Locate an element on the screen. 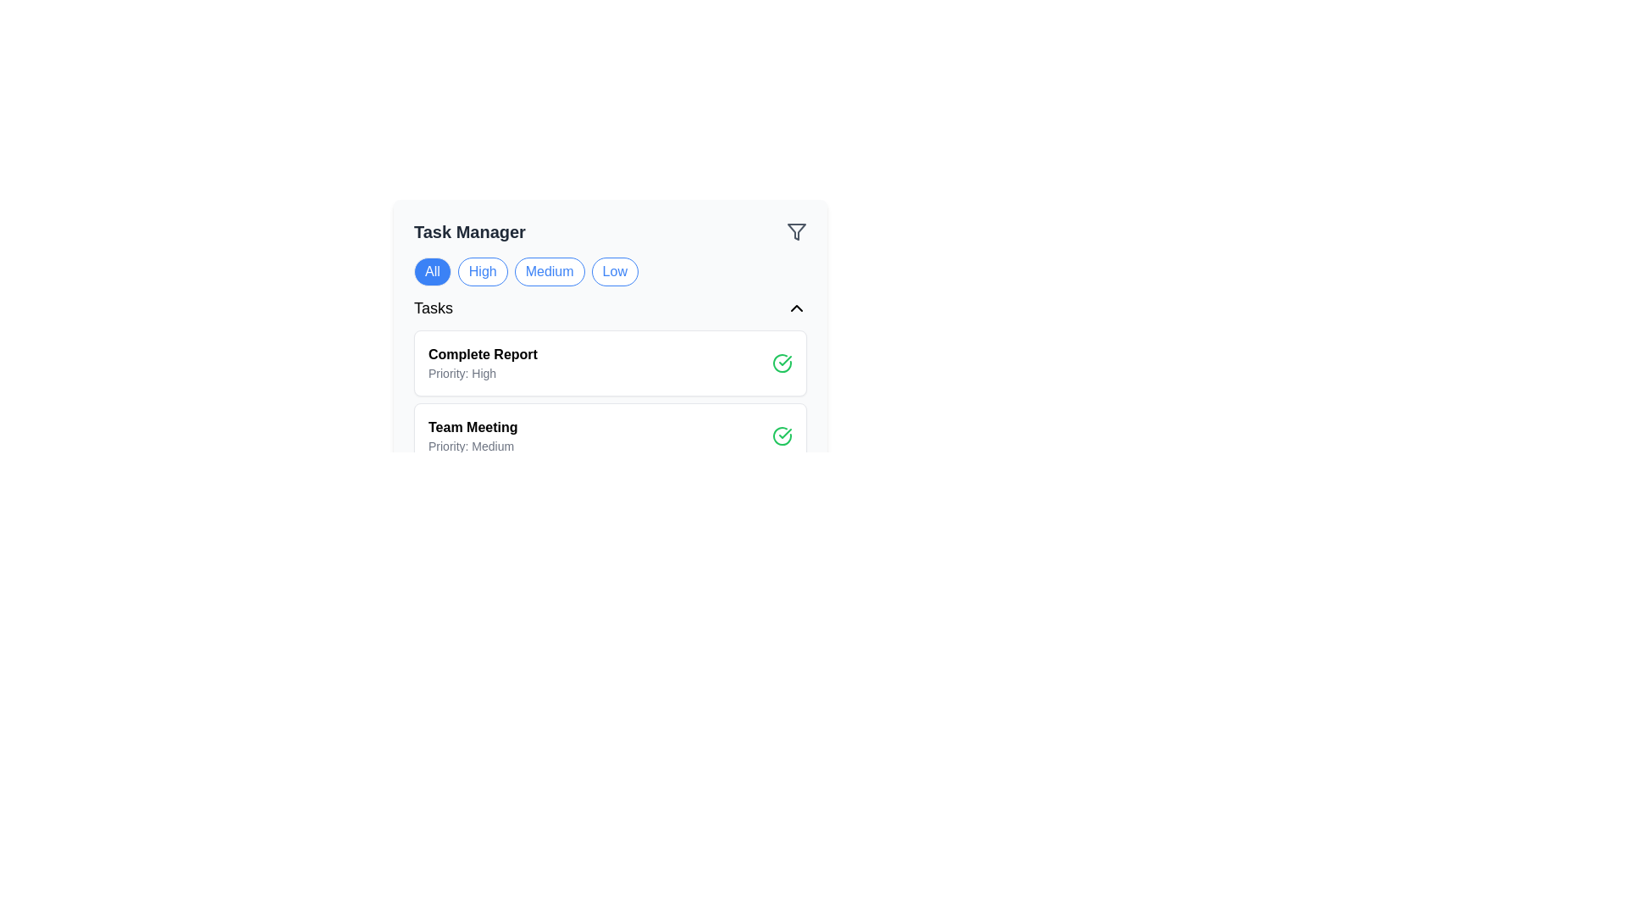 Image resolution: width=1626 pixels, height=915 pixels. the upward-pointing chevron icon next to the 'Tasks' text is located at coordinates (795, 308).